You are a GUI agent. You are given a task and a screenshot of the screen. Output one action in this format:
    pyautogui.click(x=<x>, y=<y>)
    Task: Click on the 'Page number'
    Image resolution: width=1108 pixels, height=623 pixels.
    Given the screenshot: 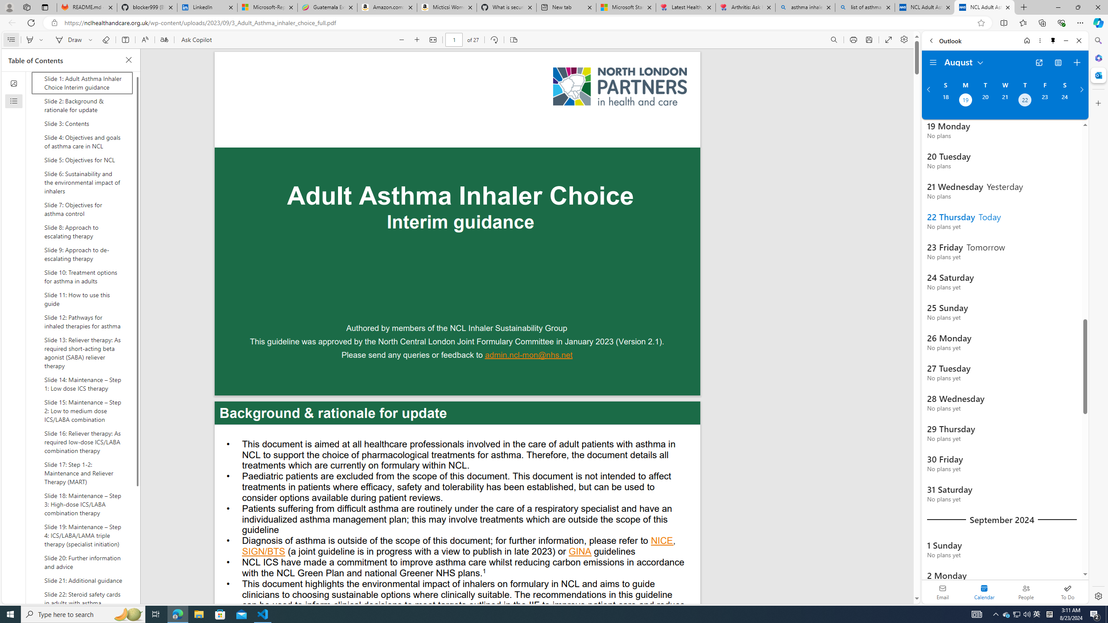 What is the action you would take?
    pyautogui.click(x=454, y=39)
    